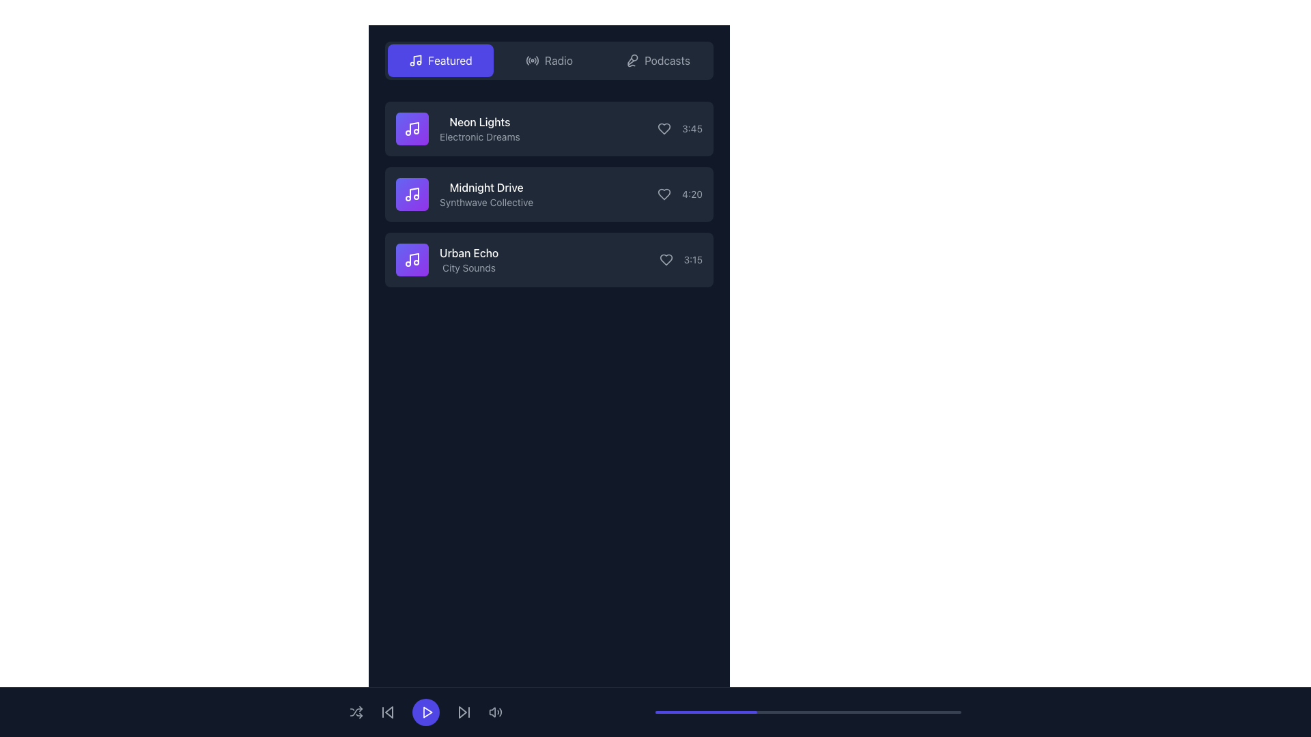  Describe the element at coordinates (692, 129) in the screenshot. I see `the text field displaying '3:45' in gray color` at that location.